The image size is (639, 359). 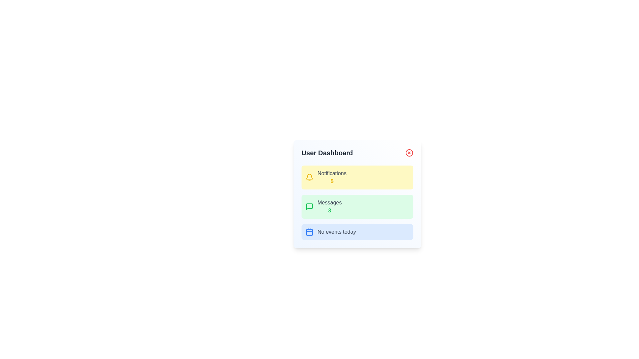 What do you see at coordinates (309, 177) in the screenshot?
I see `the yellow bell icon indicating notifications, located to the left of the text 'Notifications 5'` at bounding box center [309, 177].